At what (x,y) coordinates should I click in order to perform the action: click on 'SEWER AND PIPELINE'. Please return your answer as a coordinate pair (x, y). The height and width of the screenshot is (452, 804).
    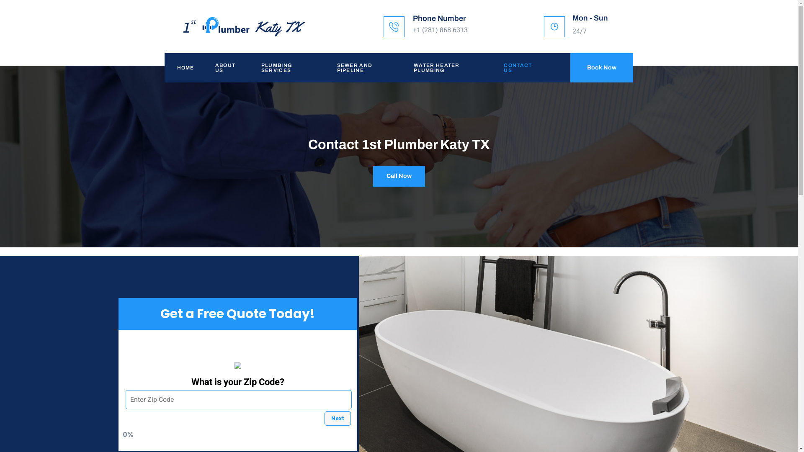
    Looking at the image, I should click on (363, 67).